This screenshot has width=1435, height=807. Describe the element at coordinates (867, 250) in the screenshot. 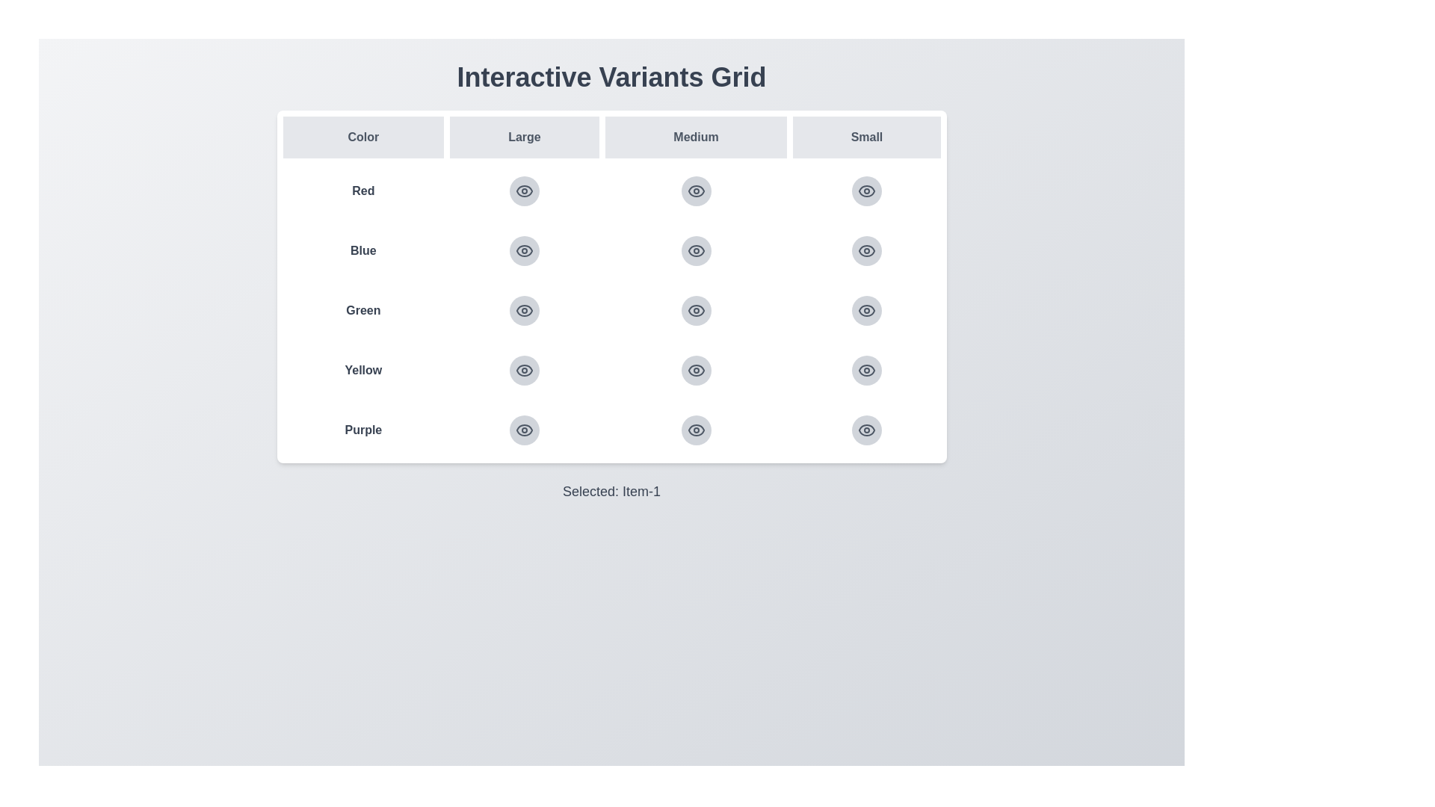

I see `the eye icon button located in the 'Blue' row and 'Small' column to potentially display a tooltip or effect` at that location.